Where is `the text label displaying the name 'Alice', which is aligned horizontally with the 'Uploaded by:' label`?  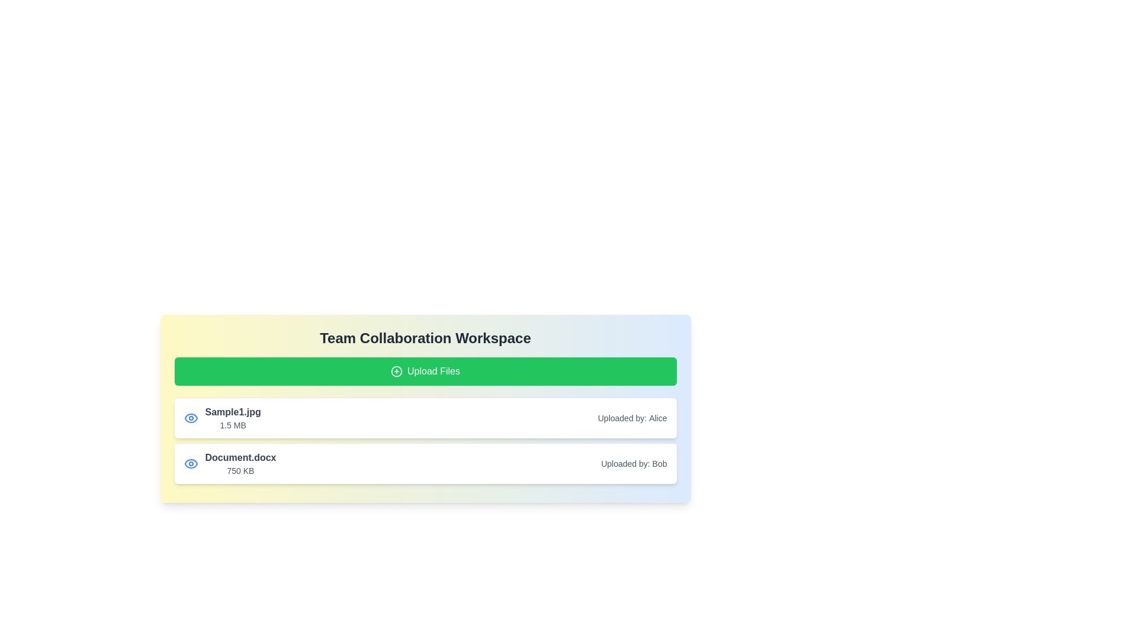 the text label displaying the name 'Alice', which is aligned horizontally with the 'Uploaded by:' label is located at coordinates (657, 417).